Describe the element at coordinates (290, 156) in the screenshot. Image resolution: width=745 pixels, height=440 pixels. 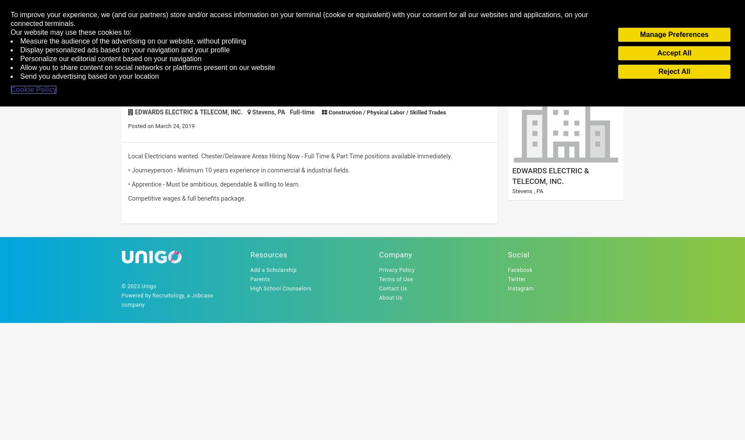
I see `'Local Electricians wanted. Chester/Delaware Areas Hiring Now - Full Time & Part Time positions available immediately.'` at that location.